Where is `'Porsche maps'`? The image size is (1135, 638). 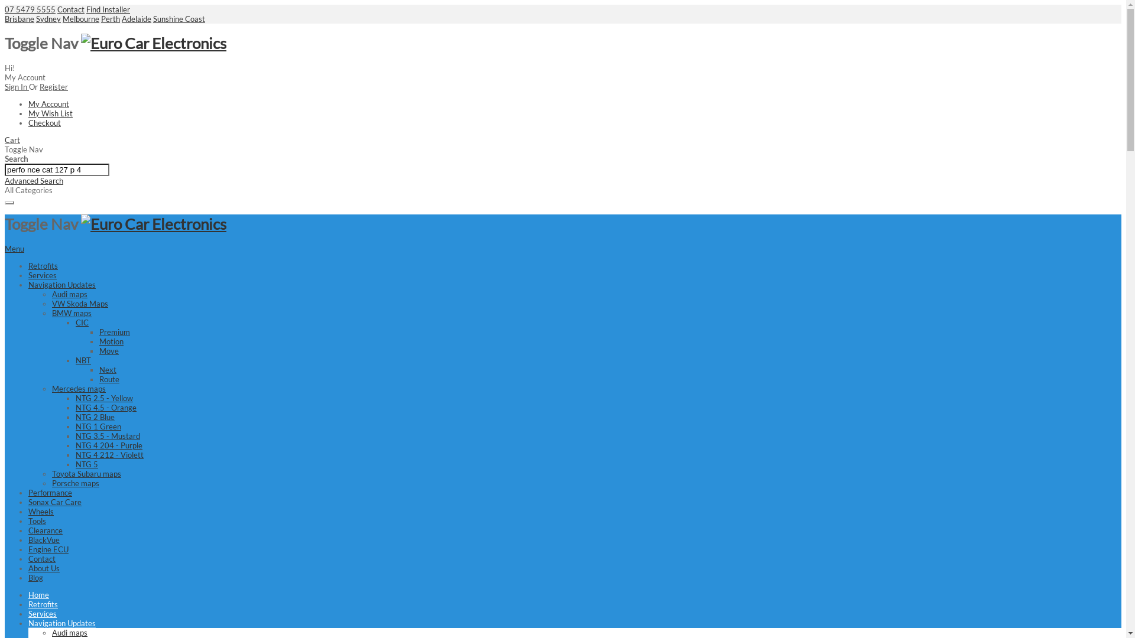 'Porsche maps' is located at coordinates (75, 483).